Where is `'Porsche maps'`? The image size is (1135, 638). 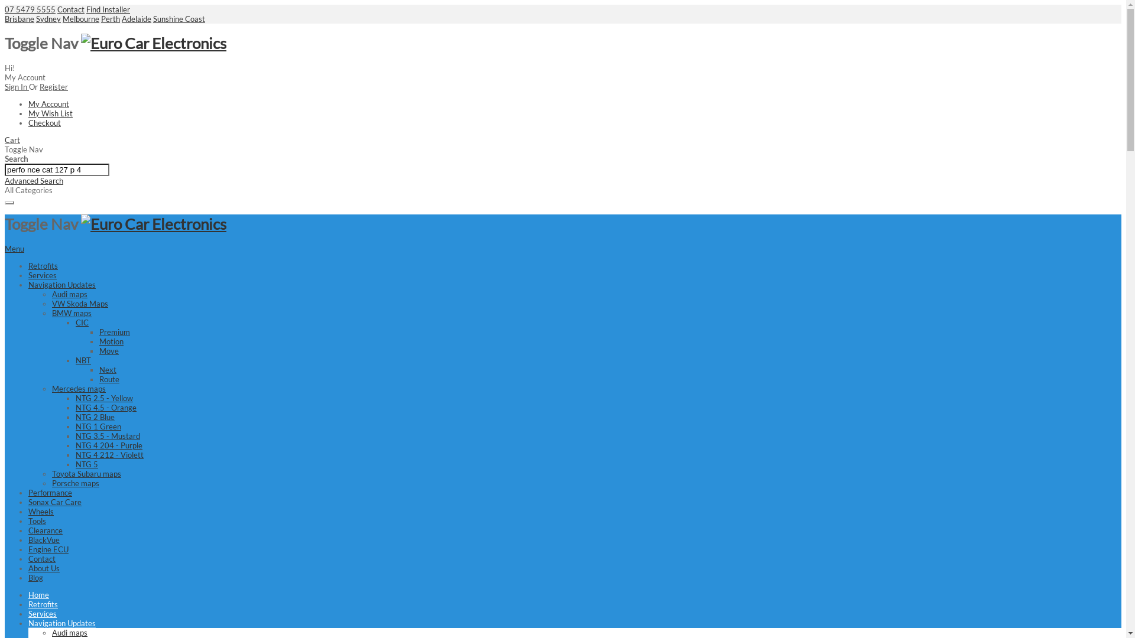 'Porsche maps' is located at coordinates (75, 483).